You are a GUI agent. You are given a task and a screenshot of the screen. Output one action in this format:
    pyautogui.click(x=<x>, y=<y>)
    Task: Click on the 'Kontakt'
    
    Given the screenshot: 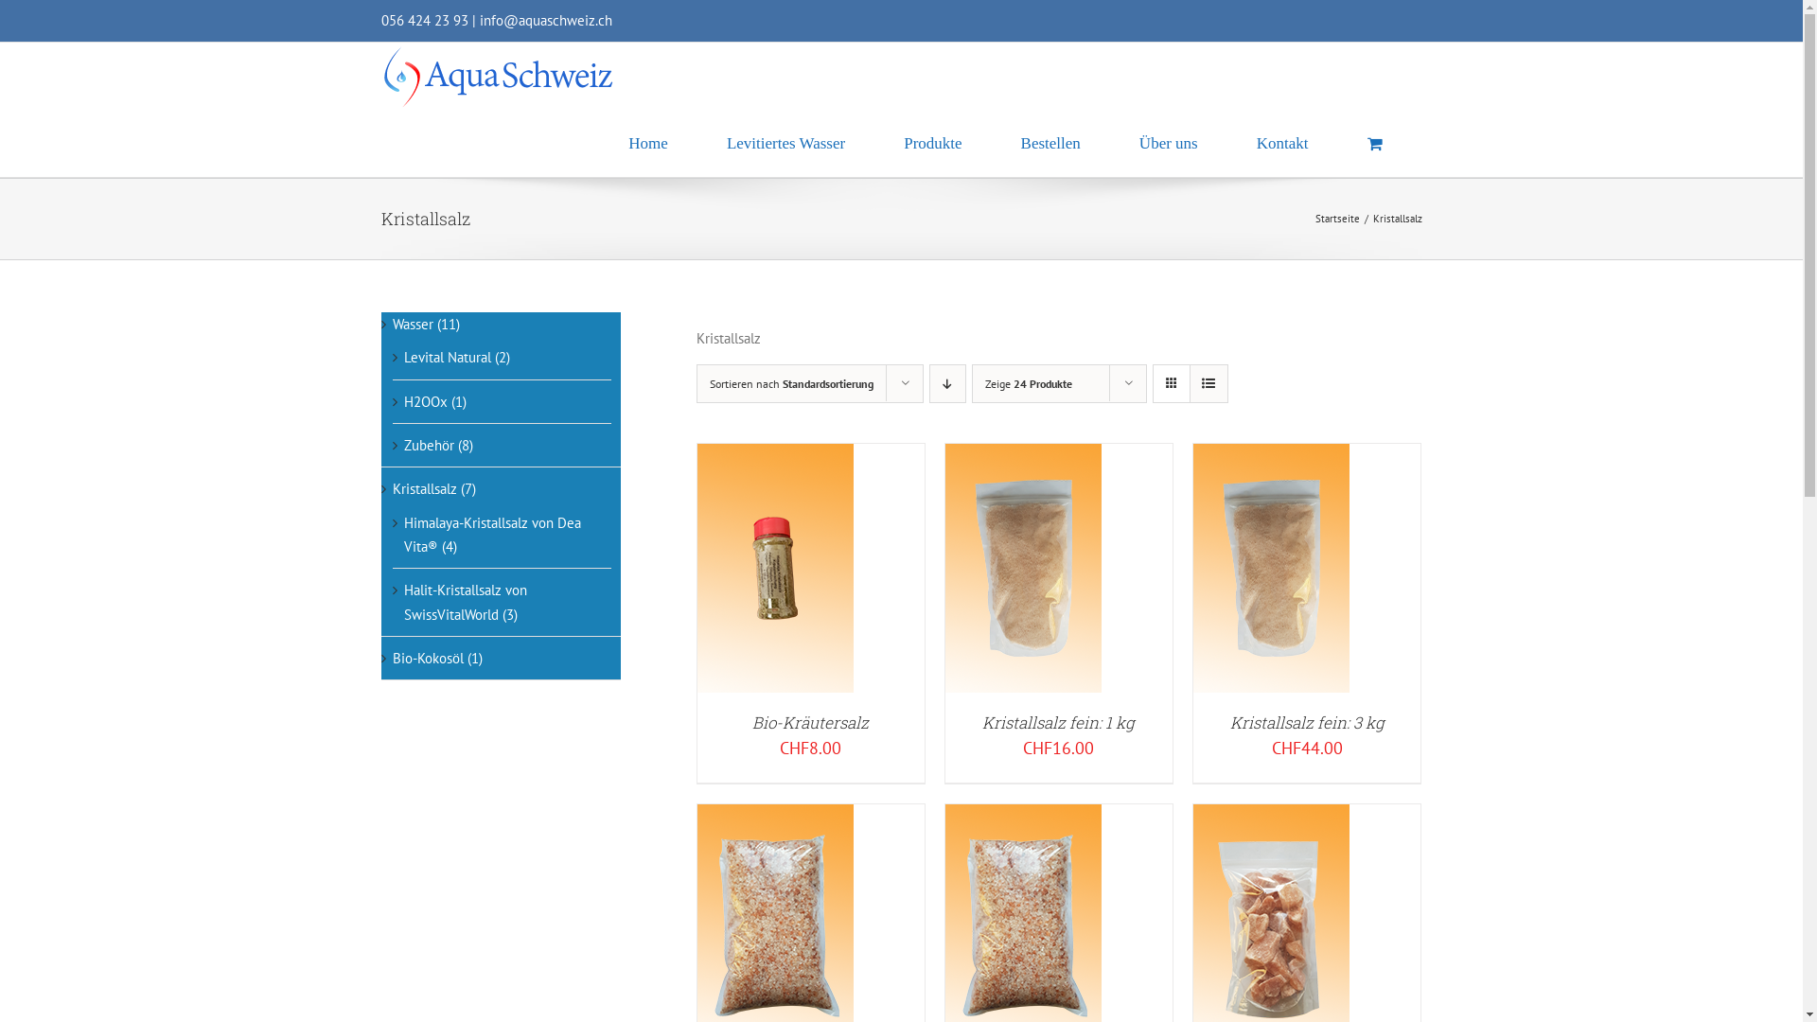 What is the action you would take?
    pyautogui.click(x=1282, y=142)
    